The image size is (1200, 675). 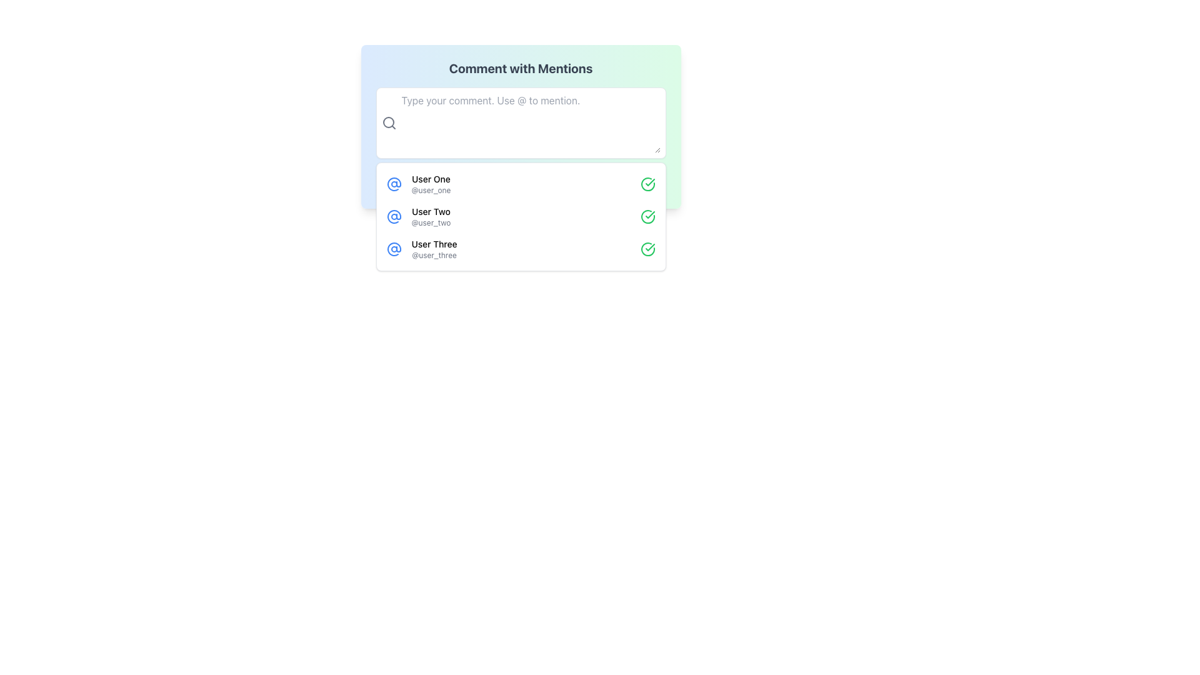 I want to click on the visual indication of the green checkmark icon located at the far-right end of the third user entry, adjacent to the text for 'User Three', so click(x=650, y=182).